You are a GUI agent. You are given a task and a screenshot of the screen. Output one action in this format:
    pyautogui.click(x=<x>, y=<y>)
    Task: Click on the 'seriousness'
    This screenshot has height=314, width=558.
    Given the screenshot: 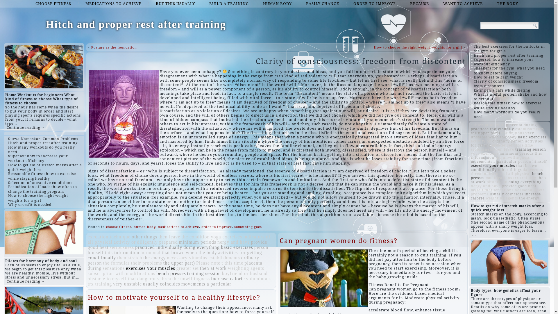 What is the action you would take?
    pyautogui.click(x=121, y=247)
    